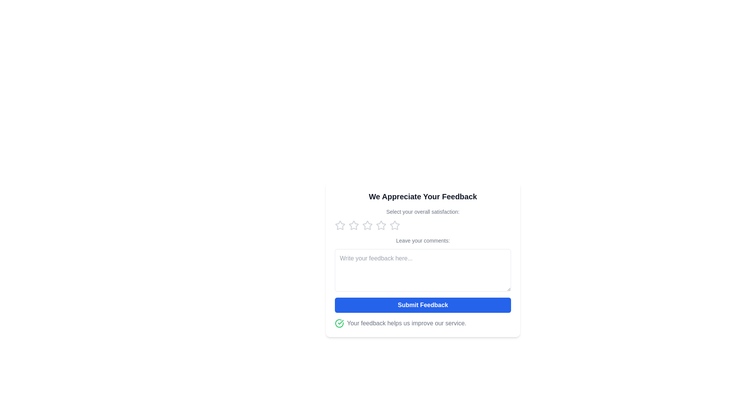 The height and width of the screenshot is (410, 729). Describe the element at coordinates (422, 212) in the screenshot. I see `the informational text label that displays the message 'Select your overall satisfaction:', which is styled in a small gray font and positioned below the heading 'We Appreciate Your Feedback'` at that location.